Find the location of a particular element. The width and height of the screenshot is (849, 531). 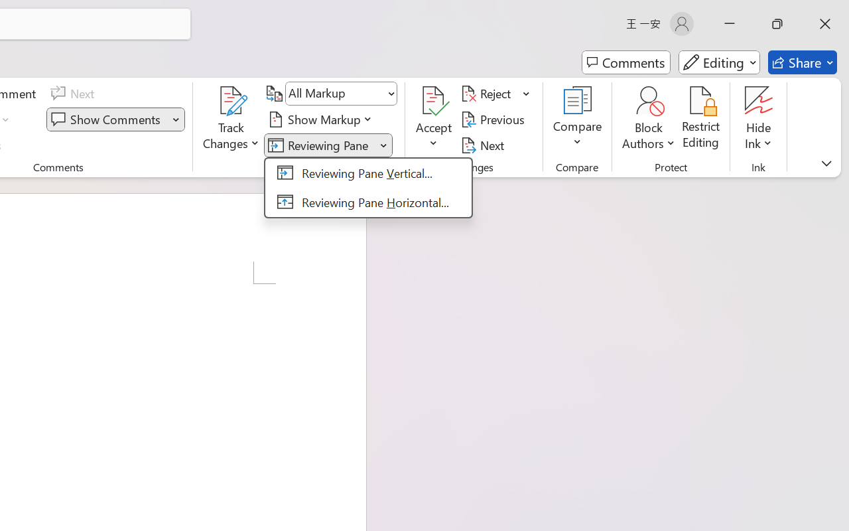

'Block Authors' is located at coordinates (648, 100).